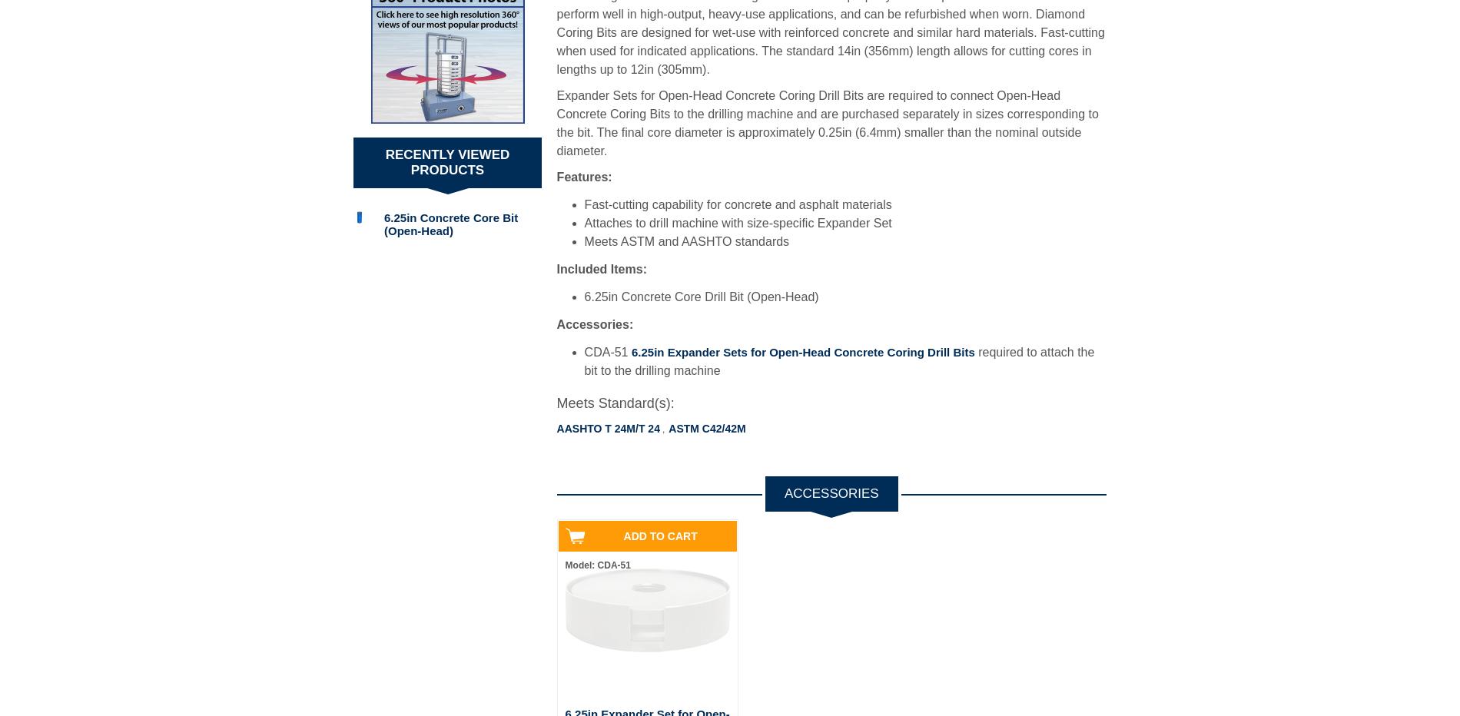 The height and width of the screenshot is (716, 1460). I want to click on 'ASTM C42/42M', so click(705, 428).